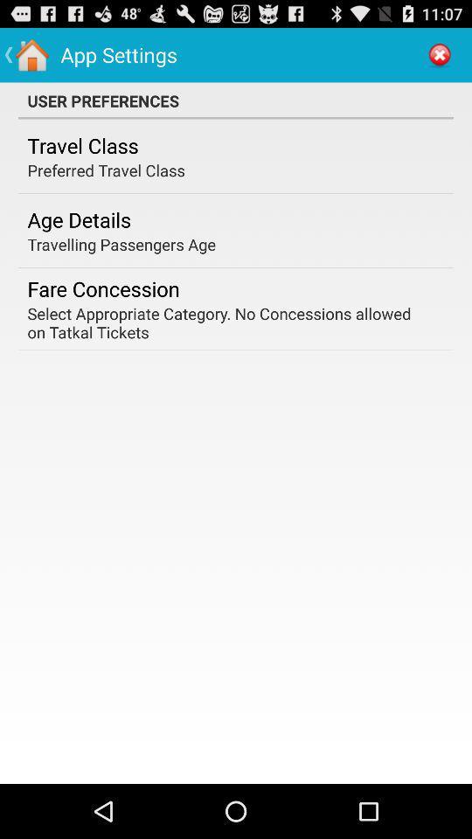  What do you see at coordinates (103, 288) in the screenshot?
I see `the app above the select appropriate category item` at bounding box center [103, 288].